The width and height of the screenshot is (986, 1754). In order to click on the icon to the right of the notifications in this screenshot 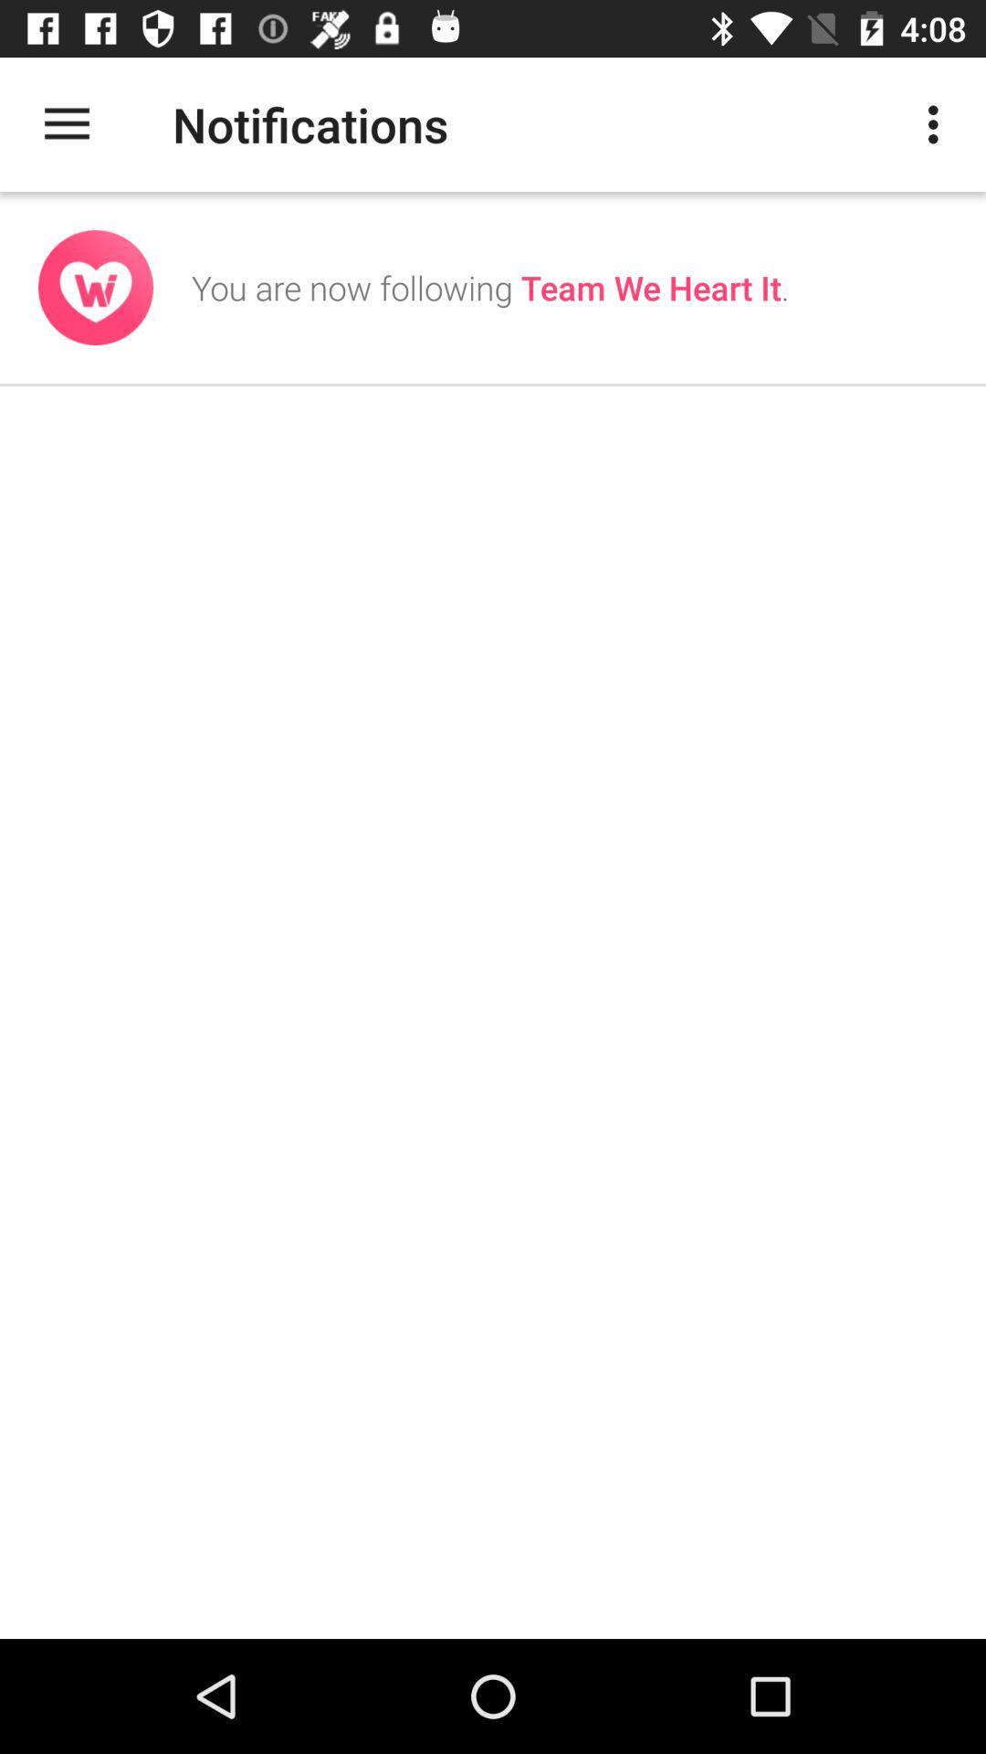, I will do `click(938, 123)`.